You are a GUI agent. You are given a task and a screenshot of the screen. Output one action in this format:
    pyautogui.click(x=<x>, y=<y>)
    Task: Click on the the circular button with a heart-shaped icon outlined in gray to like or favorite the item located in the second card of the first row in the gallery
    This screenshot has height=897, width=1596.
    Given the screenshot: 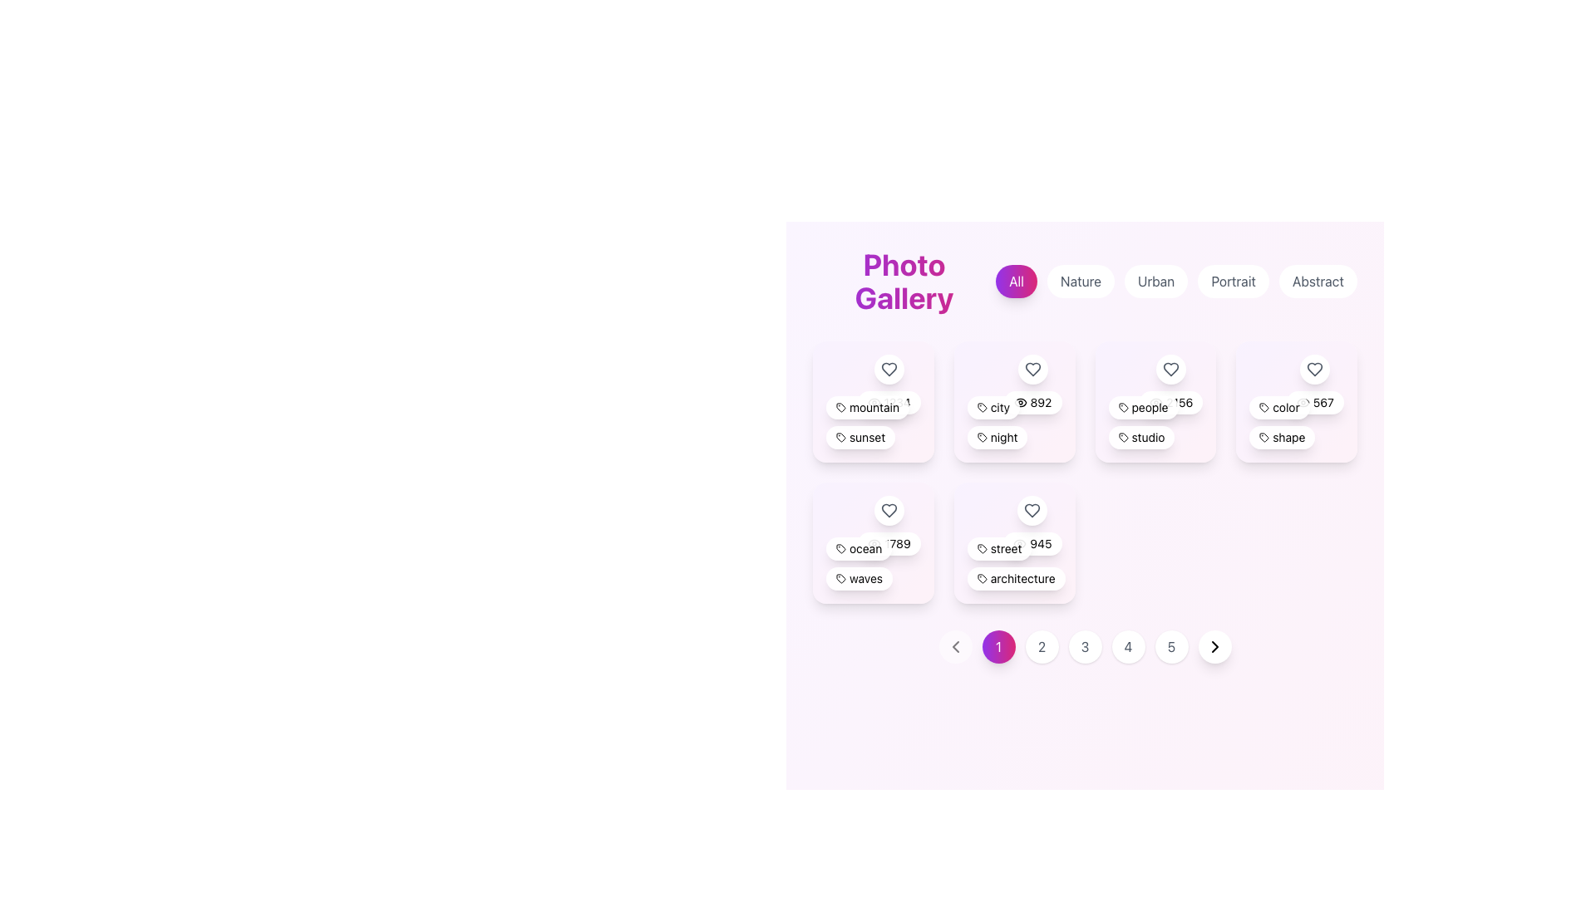 What is the action you would take?
    pyautogui.click(x=1032, y=368)
    